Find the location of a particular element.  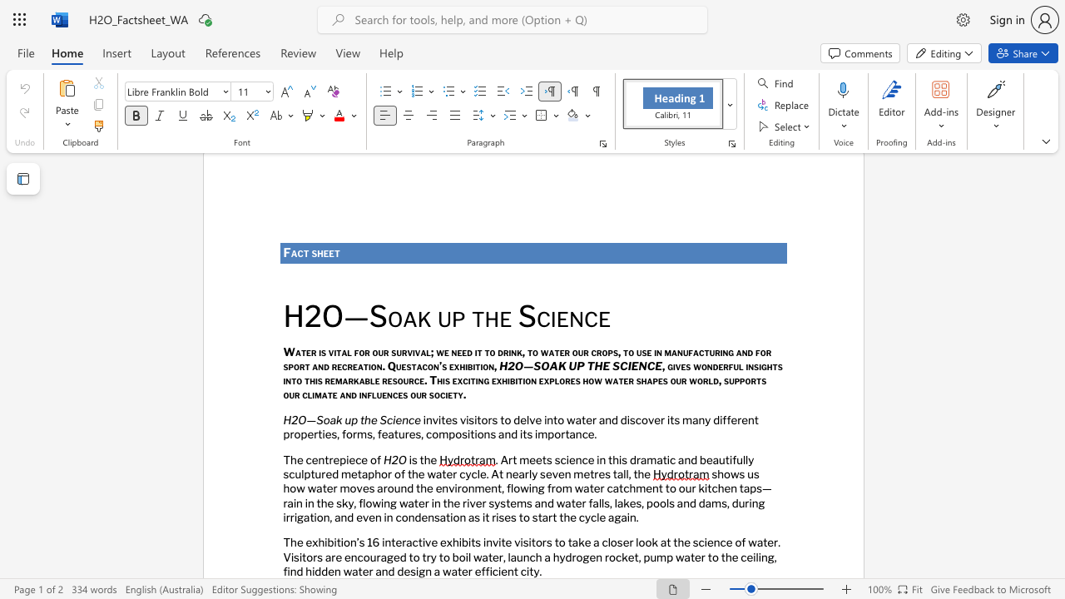

the subset text "n a water" within the text "The exhibition’s 16 interactive exhibits invite visitors to take a closer look at the science of water. Visitors are encouraged to try to boil water, launch a hydrogen rocket, pump water to the ceiling, find hidden water and design a water efficient city." is located at coordinates (425, 570).